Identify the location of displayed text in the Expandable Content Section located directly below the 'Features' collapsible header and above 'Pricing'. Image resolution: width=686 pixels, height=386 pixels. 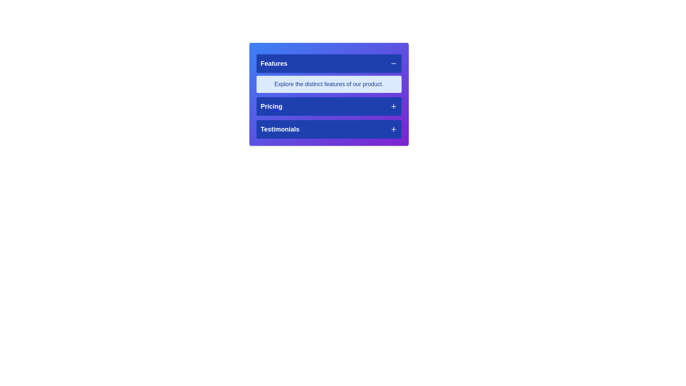
(328, 73).